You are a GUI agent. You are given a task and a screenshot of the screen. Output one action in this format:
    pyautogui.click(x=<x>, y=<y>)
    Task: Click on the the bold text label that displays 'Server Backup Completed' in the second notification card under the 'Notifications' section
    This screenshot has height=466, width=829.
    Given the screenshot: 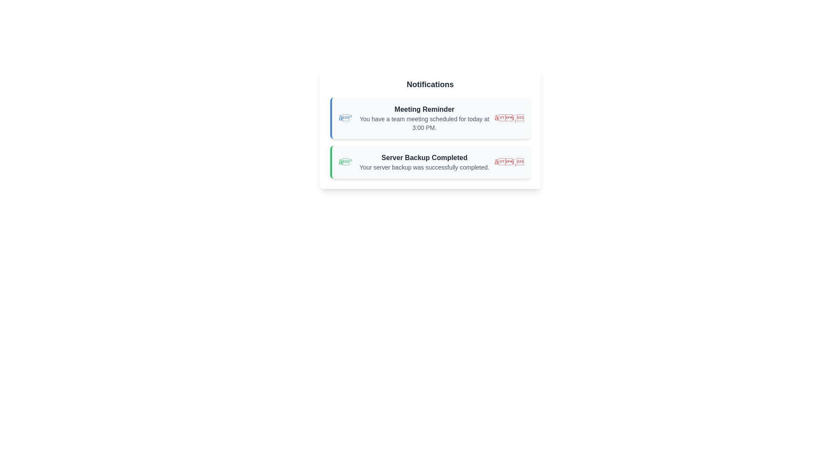 What is the action you would take?
    pyautogui.click(x=424, y=158)
    